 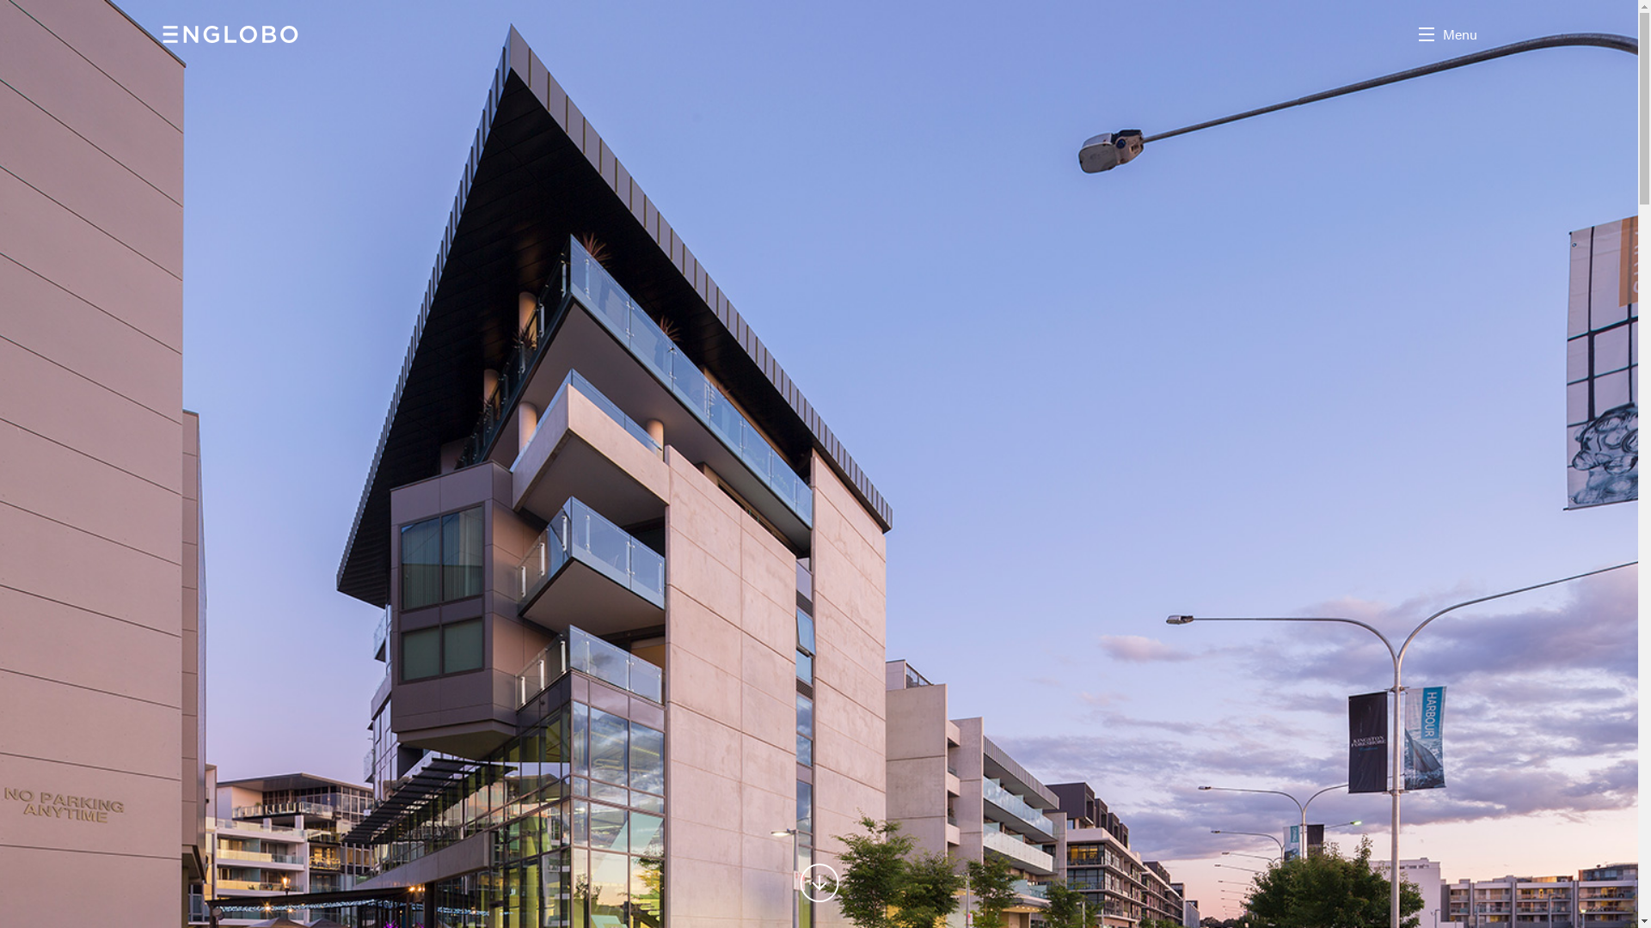 I want to click on 'Englobo Group', so click(x=230, y=34).